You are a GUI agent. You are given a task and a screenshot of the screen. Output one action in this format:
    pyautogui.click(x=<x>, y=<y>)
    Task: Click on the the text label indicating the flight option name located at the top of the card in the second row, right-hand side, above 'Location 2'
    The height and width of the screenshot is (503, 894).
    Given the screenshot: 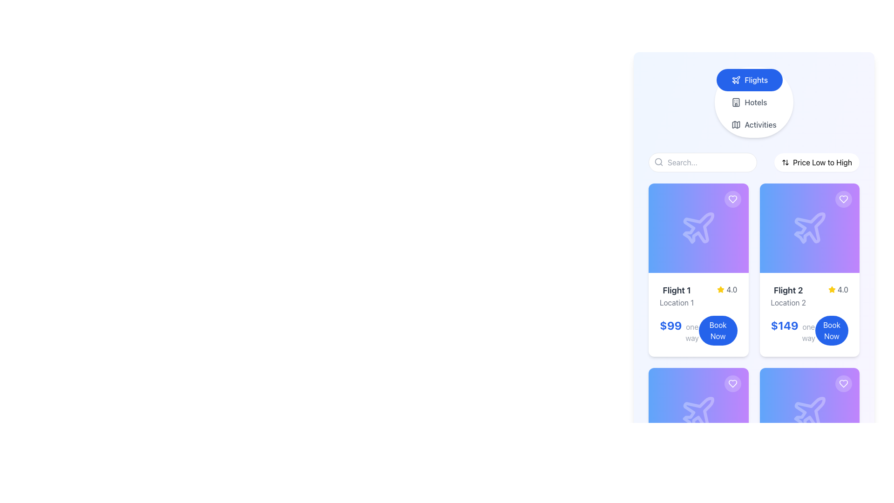 What is the action you would take?
    pyautogui.click(x=788, y=290)
    